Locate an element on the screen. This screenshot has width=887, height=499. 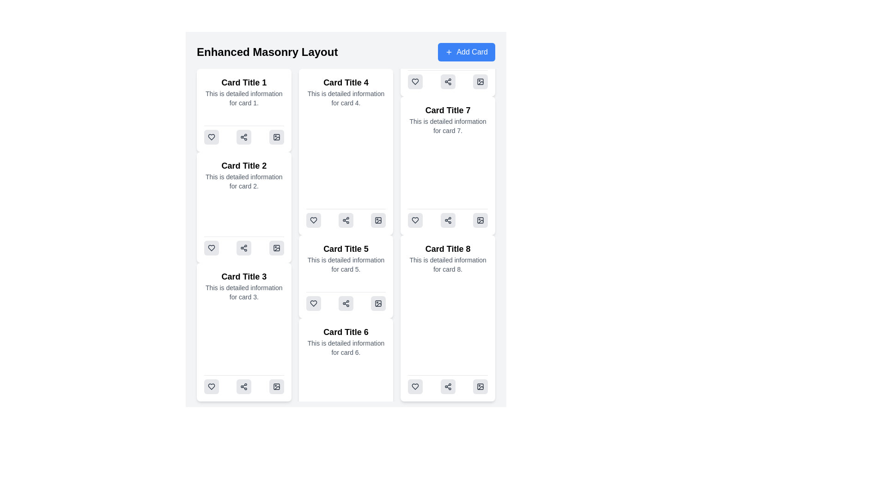
the small rectangle with rounded corners, which is a sub-element of the SVG icon located at the bottom-right of the 'Card Title 5' panel is located at coordinates (378, 303).